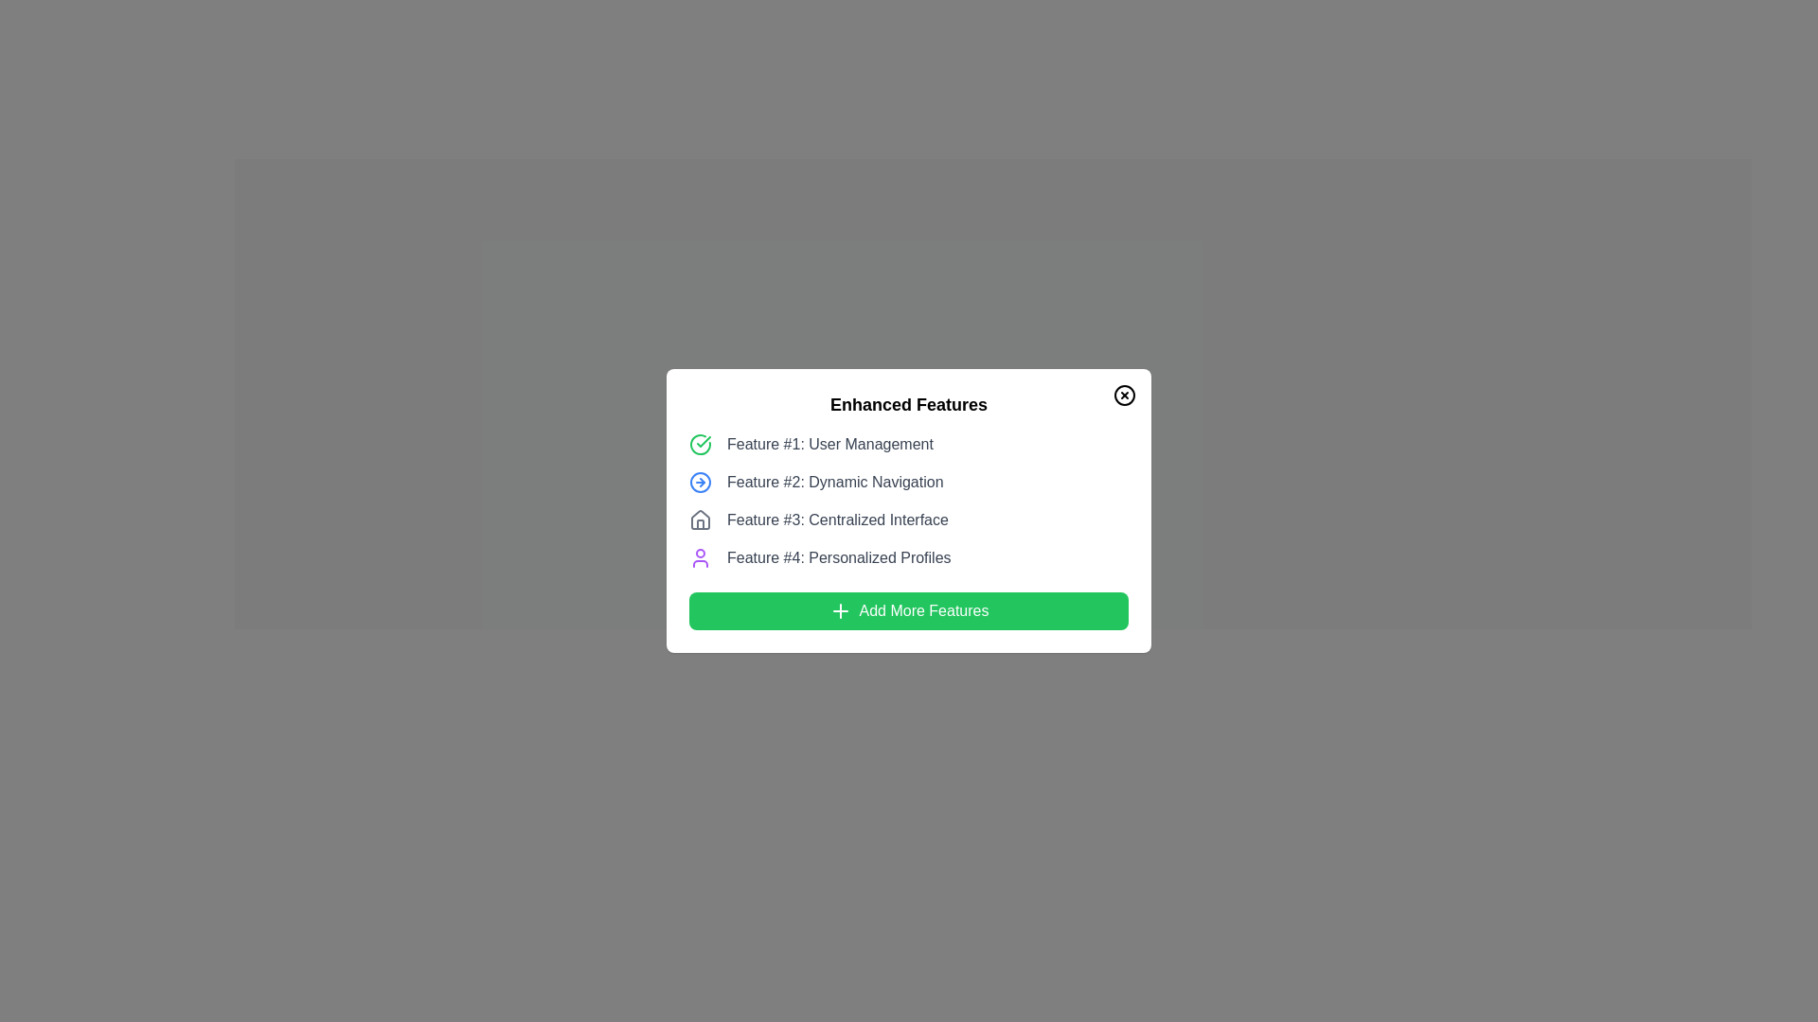  I want to click on the text label that identifies the feature named 'Centralized Interface', which is the third item in a vertical list of features within a modal, so click(836, 520).